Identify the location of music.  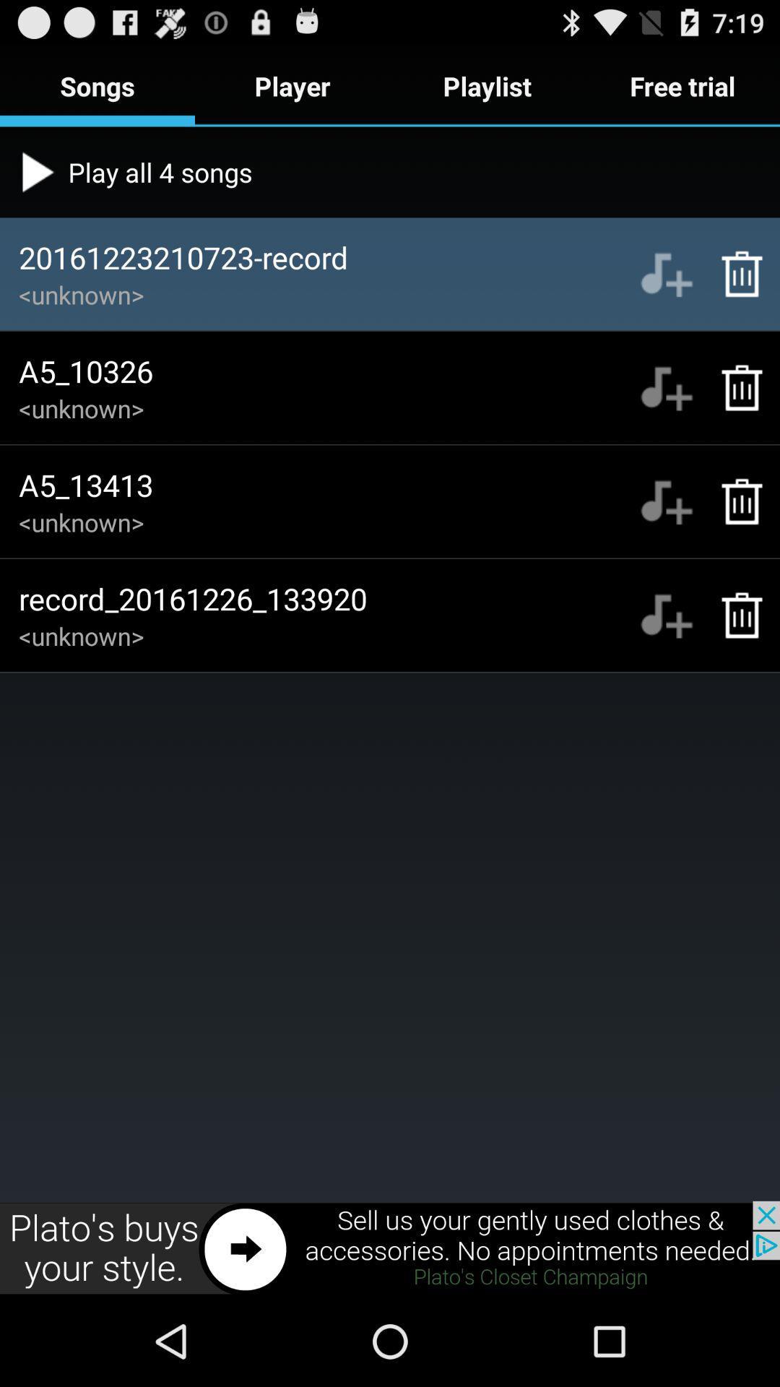
(666, 501).